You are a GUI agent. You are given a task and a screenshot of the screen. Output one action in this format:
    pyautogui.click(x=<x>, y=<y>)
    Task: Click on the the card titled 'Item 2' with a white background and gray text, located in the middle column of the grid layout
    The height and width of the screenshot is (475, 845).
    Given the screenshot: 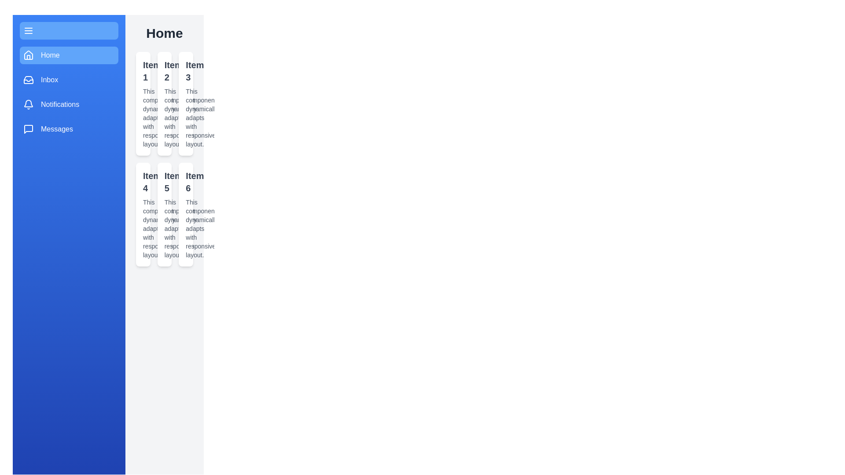 What is the action you would take?
    pyautogui.click(x=165, y=103)
    